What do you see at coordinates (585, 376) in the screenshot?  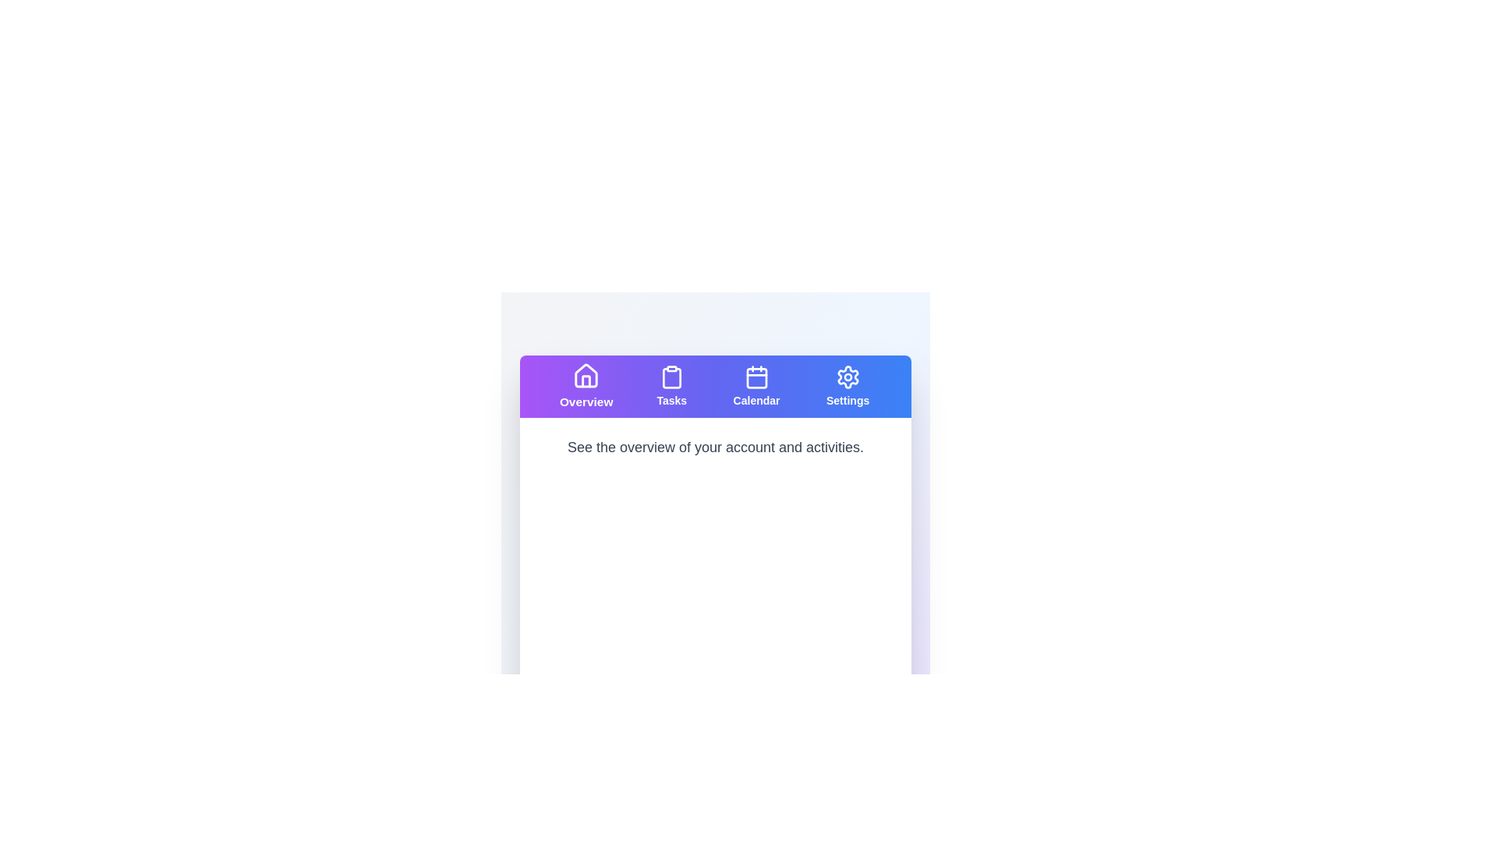 I see `the house-shaped icon in the navigation bar labeled 'Overview'` at bounding box center [585, 376].